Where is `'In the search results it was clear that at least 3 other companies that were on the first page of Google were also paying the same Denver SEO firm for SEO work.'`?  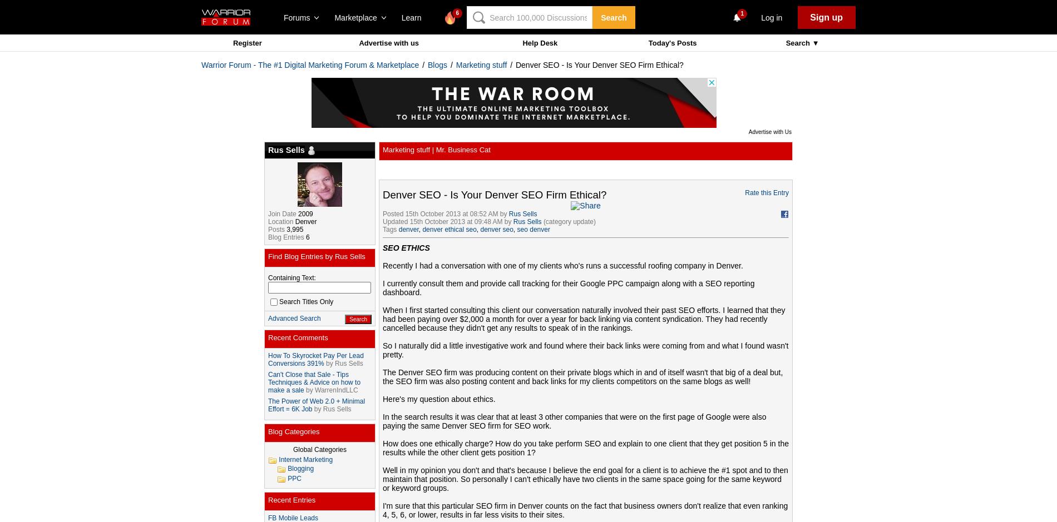 'In the search results it was clear that at least 3 other companies that were on the first page of Google were also paying the same Denver SEO firm for SEO work.' is located at coordinates (574, 421).